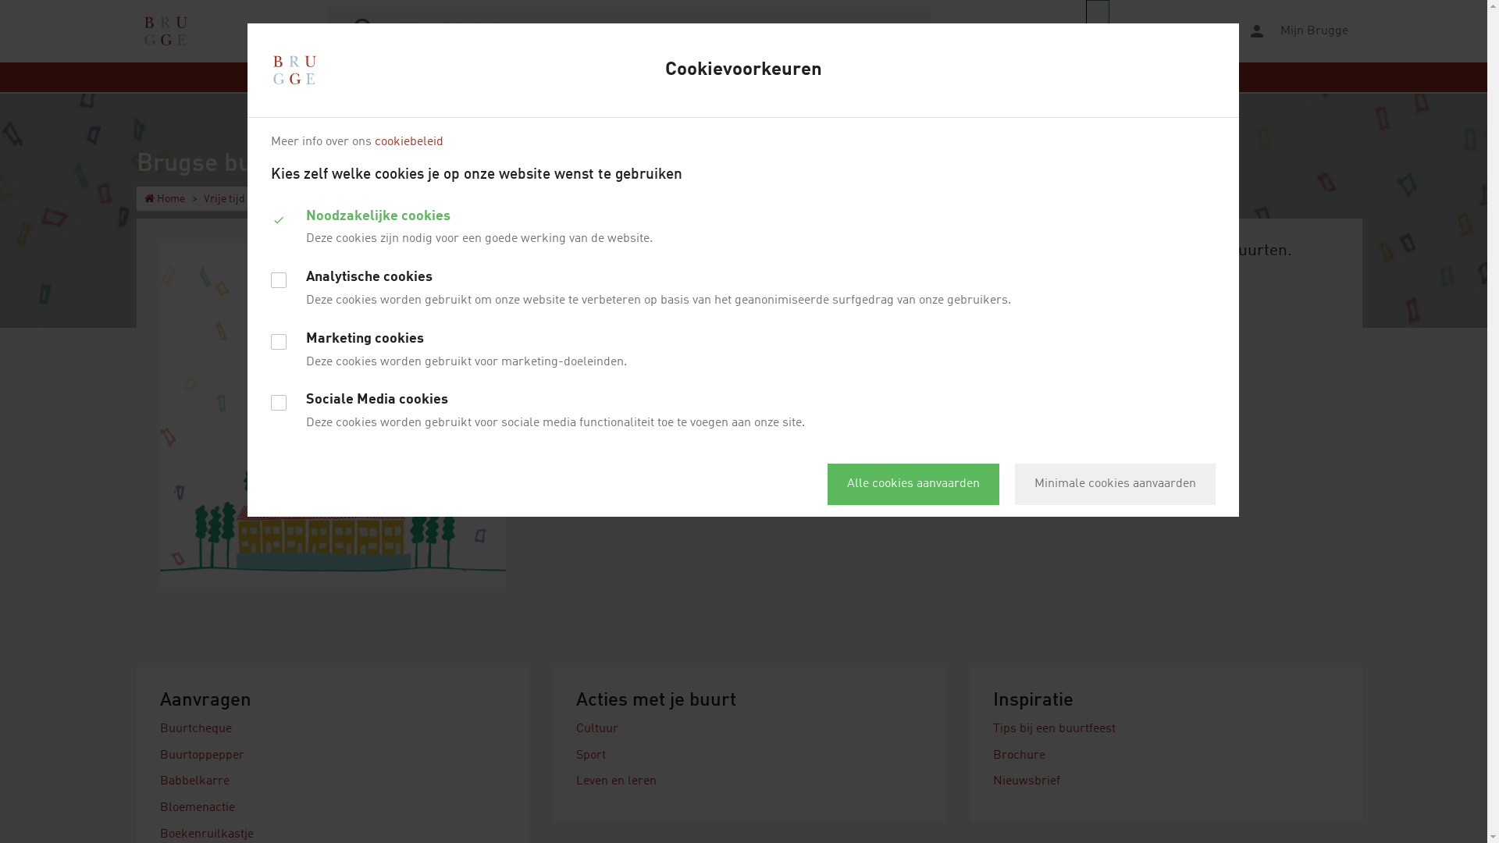 The image size is (1499, 843). I want to click on 'Ga naar de startpagina', so click(165, 30).